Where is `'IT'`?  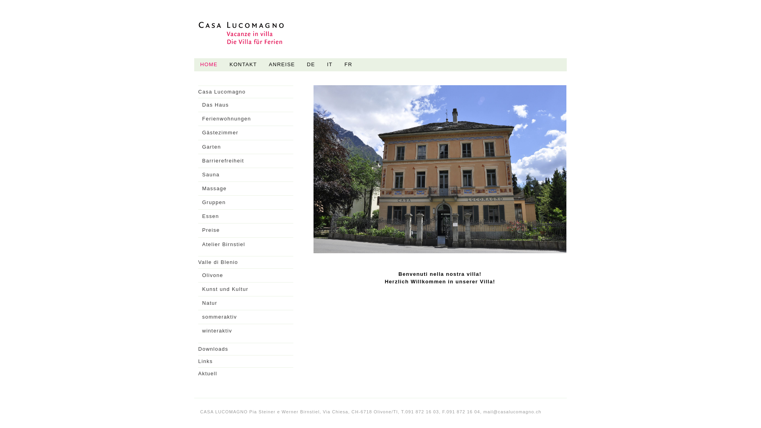 'IT' is located at coordinates (329, 64).